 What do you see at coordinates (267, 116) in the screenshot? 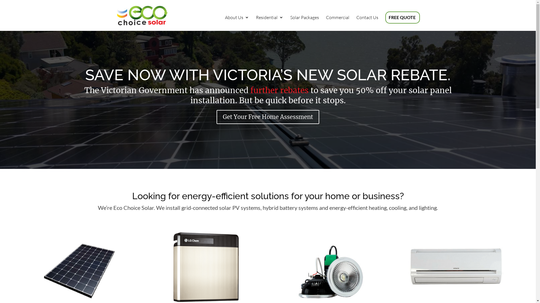
I see `'Get Your Free Home Assessment'` at bounding box center [267, 116].